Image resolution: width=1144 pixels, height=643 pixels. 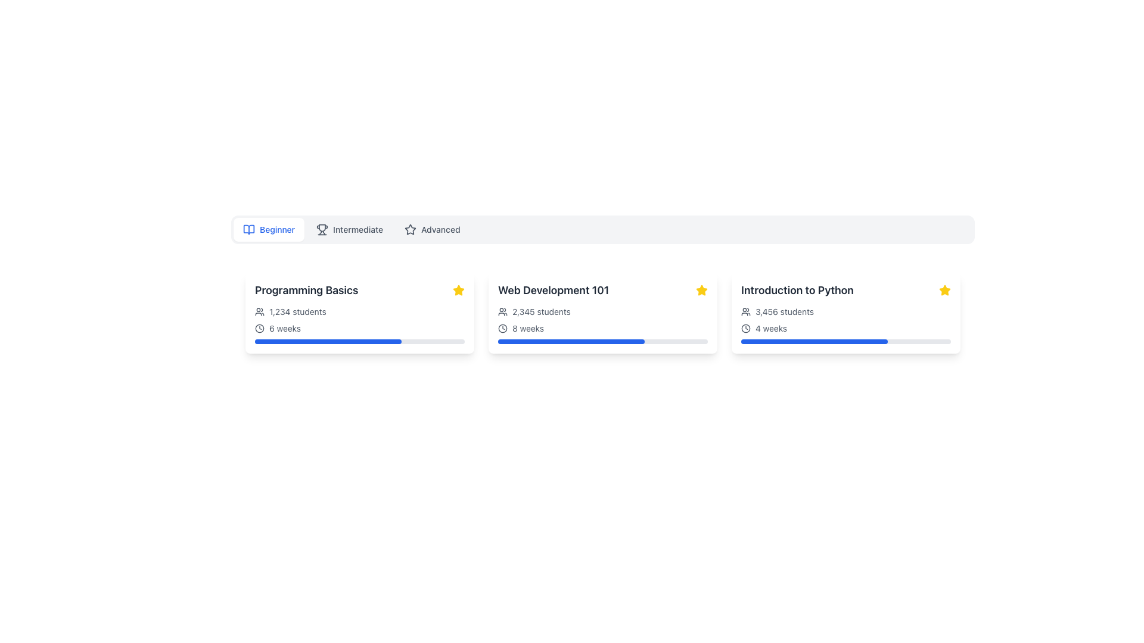 I want to click on the text label displaying 'Beginner' in blue font, so click(x=276, y=229).